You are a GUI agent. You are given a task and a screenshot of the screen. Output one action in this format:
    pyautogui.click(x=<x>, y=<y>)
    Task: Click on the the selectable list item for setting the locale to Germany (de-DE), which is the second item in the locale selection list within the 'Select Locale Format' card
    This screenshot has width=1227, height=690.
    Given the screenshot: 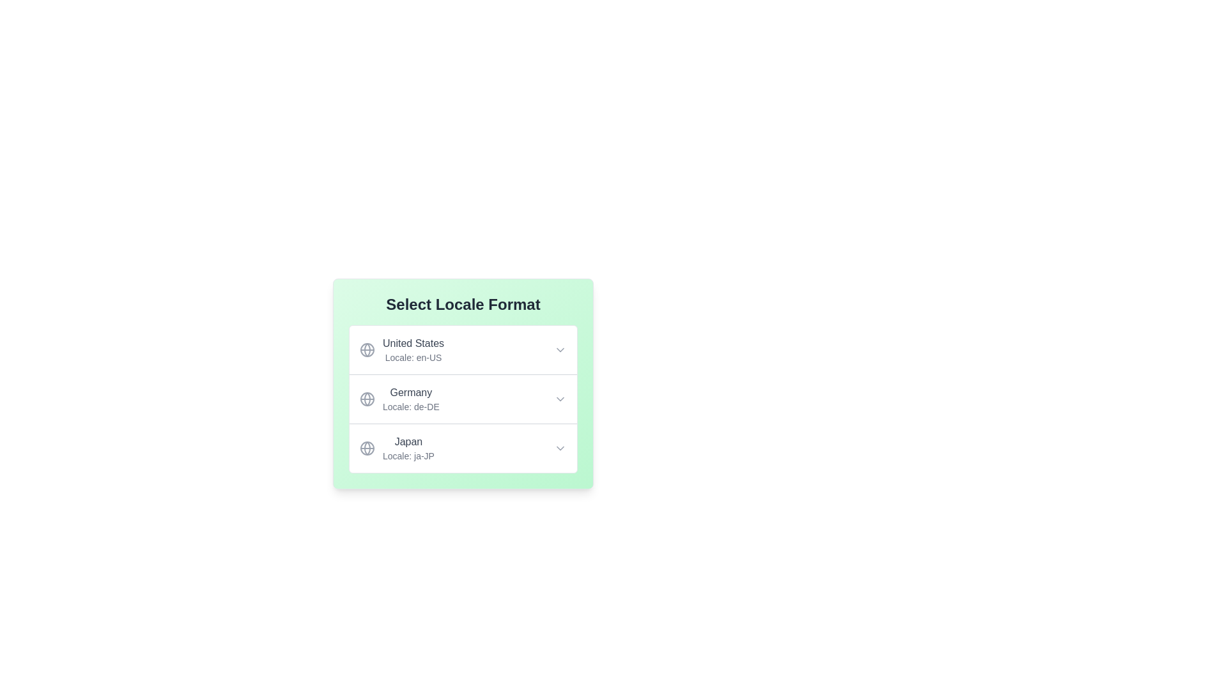 What is the action you would take?
    pyautogui.click(x=399, y=398)
    